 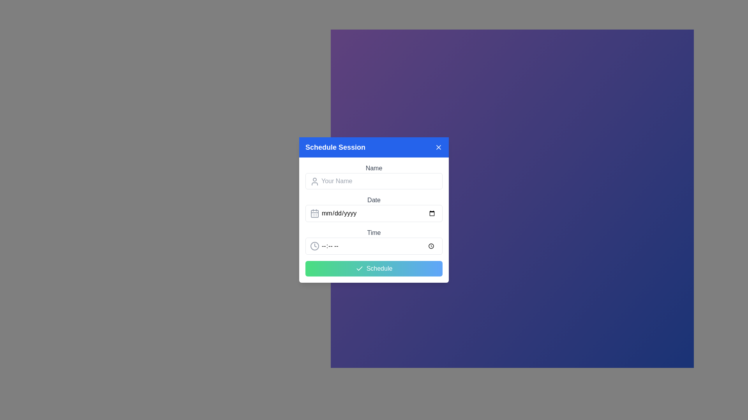 I want to click on the rectangular shape with rounded corners that is part of the calendar icon near the 'Date' entry field in the scheduling widget, so click(x=314, y=214).